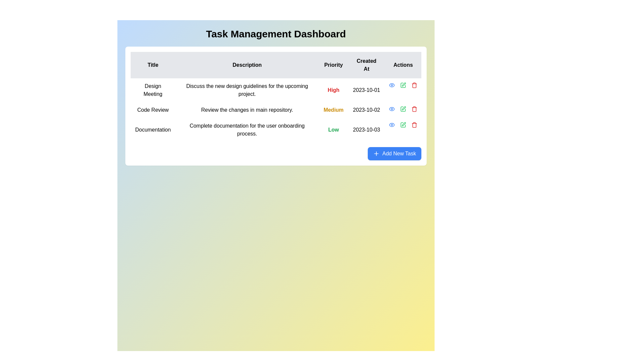 Image resolution: width=635 pixels, height=357 pixels. What do you see at coordinates (247, 130) in the screenshot?
I see `the text label displaying 'Complete documentation for the user onboarding process.' located in the 'Description' column, third row of the grid layout` at bounding box center [247, 130].